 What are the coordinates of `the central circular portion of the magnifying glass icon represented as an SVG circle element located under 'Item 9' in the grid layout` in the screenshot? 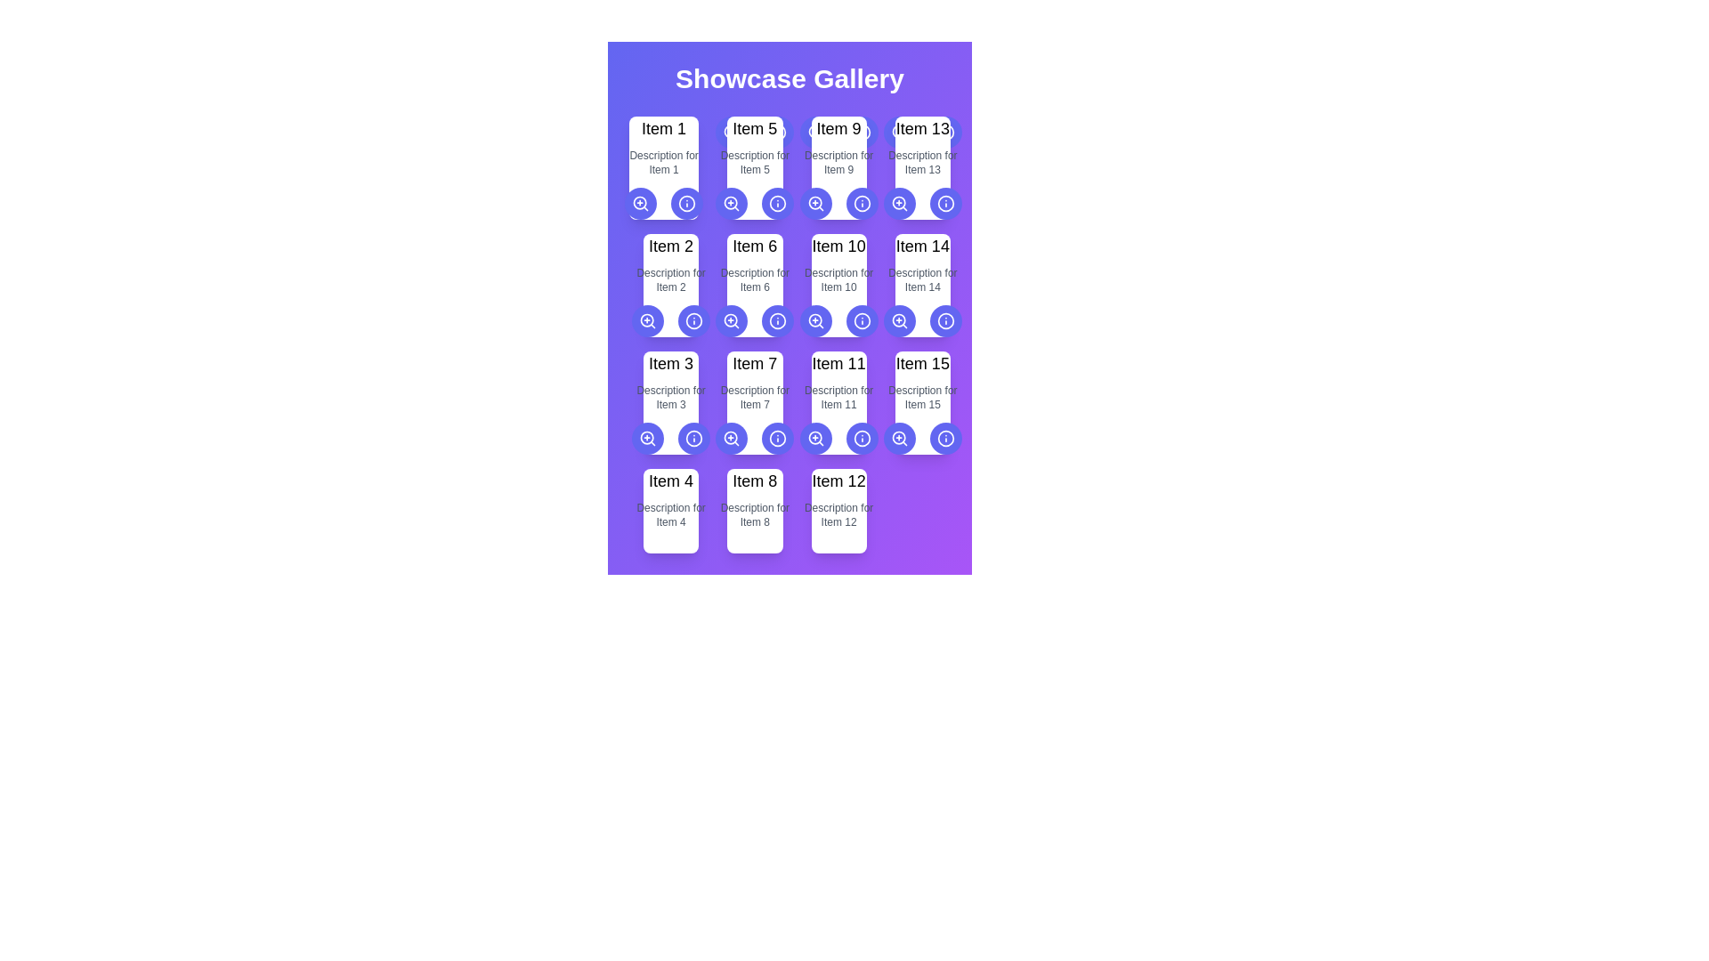 It's located at (814, 131).